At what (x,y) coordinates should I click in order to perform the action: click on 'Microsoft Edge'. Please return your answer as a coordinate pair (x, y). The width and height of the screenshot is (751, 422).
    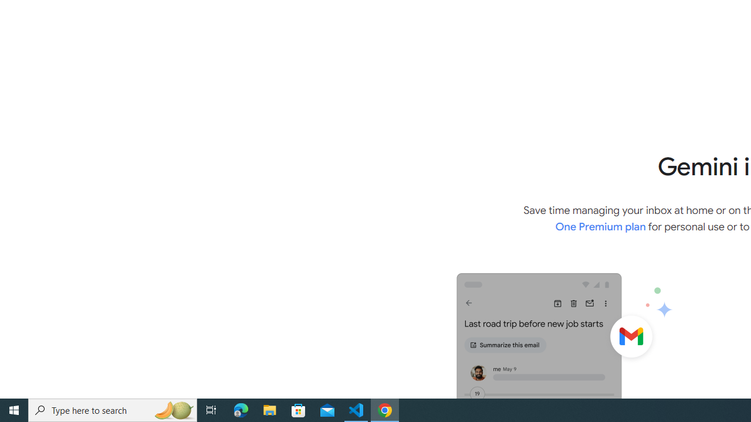
    Looking at the image, I should click on (241, 409).